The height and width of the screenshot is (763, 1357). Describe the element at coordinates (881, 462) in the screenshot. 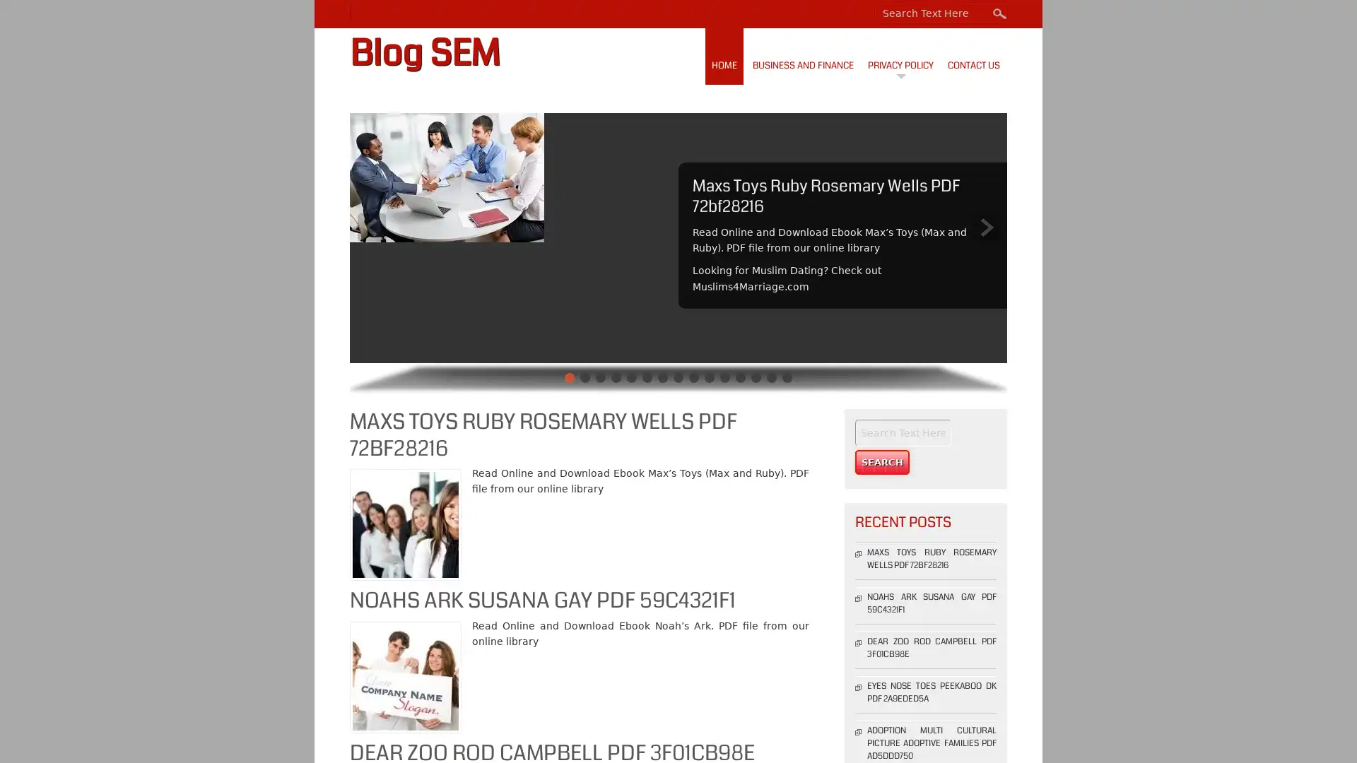

I see `Search` at that location.